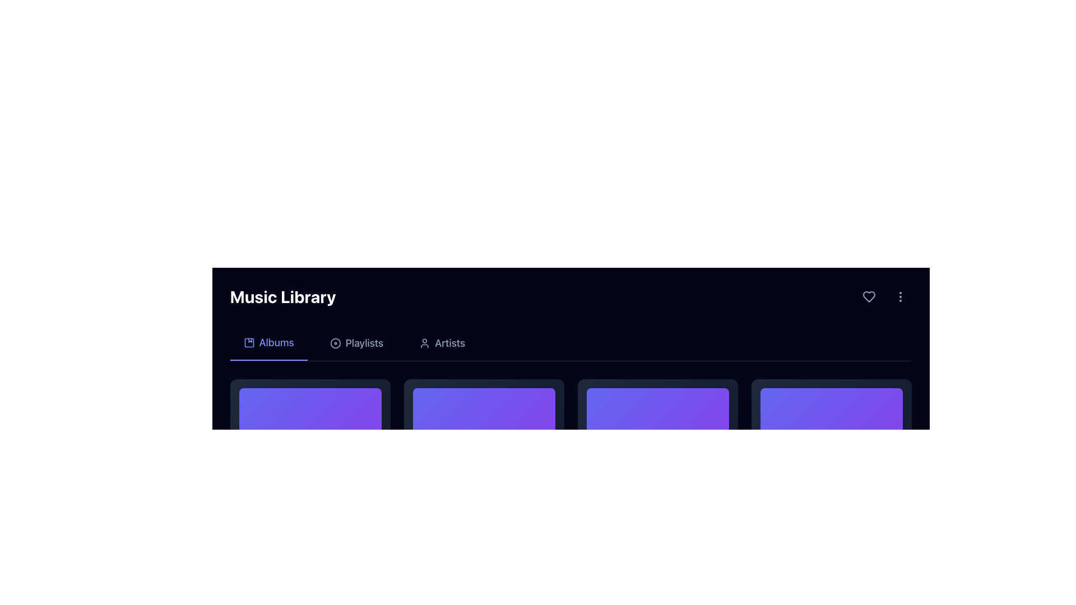  What do you see at coordinates (868, 296) in the screenshot?
I see `the heart-shaped icon outline within the circular button at the top right corner of the main application interface to mark an item as a favorite` at bounding box center [868, 296].